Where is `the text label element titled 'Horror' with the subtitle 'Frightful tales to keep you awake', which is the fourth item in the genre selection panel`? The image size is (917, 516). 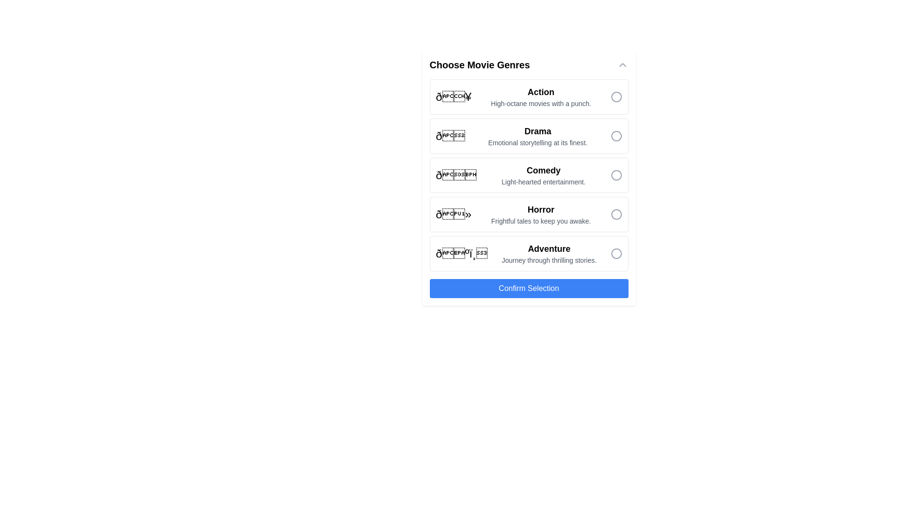
the text label element titled 'Horror' with the subtitle 'Frightful tales to keep you awake', which is the fourth item in the genre selection panel is located at coordinates (541, 214).